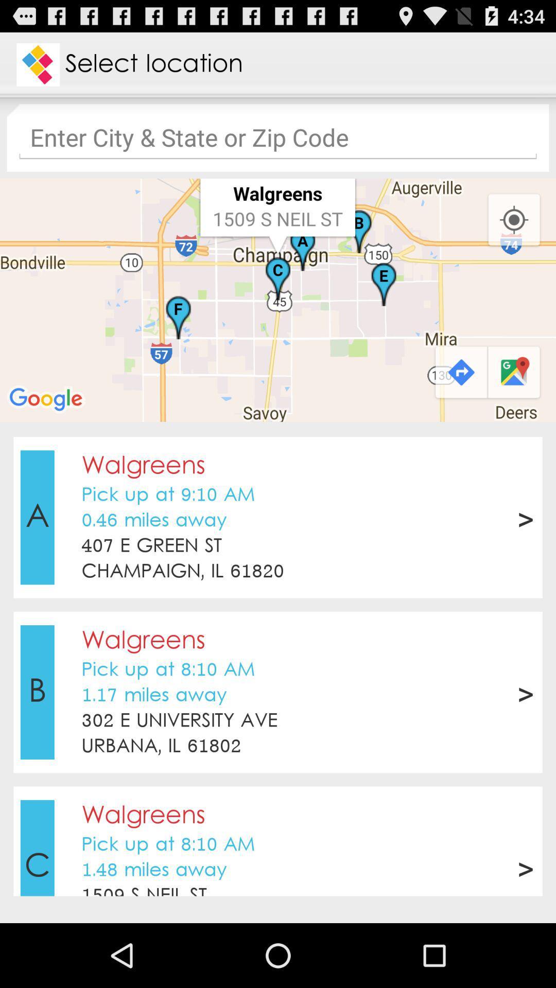 This screenshot has width=556, height=988. I want to click on 302 e university icon, so click(179, 720).